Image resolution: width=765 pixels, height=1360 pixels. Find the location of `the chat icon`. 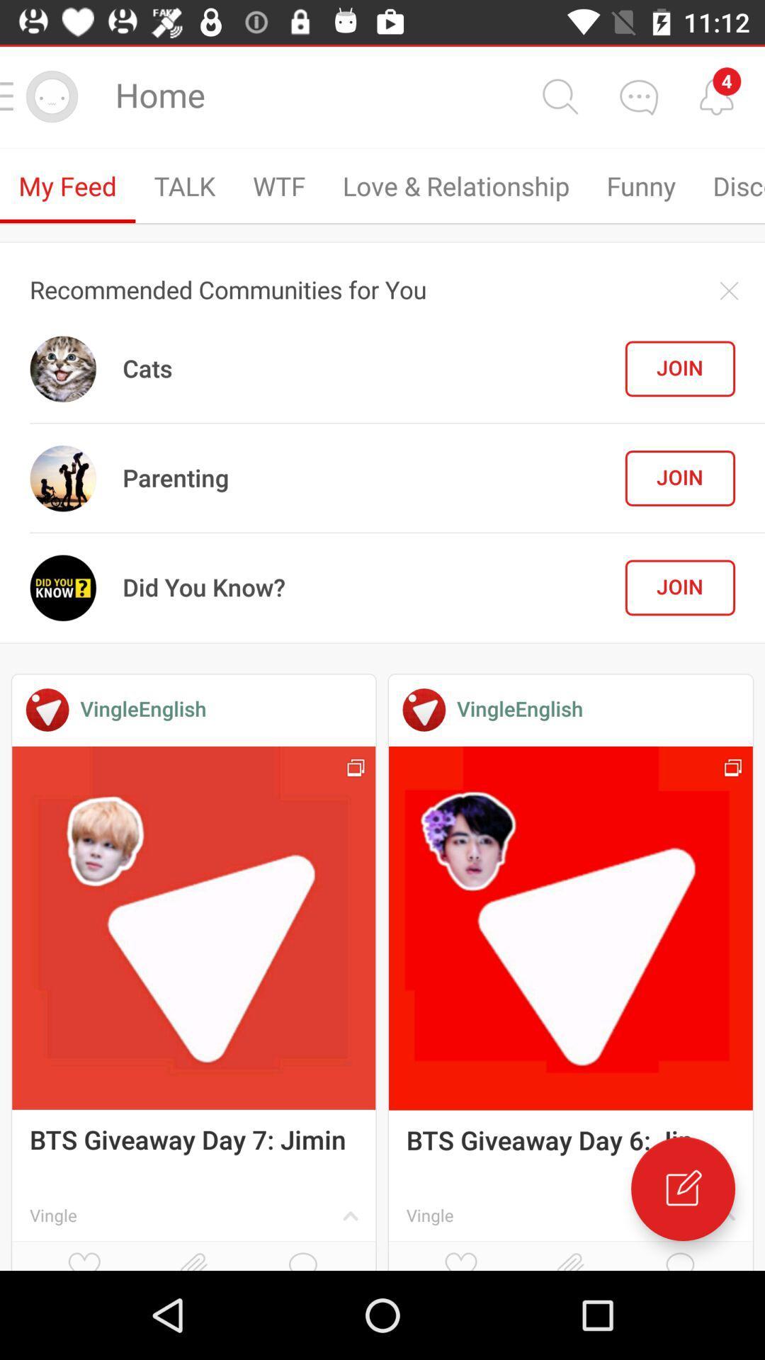

the chat icon is located at coordinates (638, 96).